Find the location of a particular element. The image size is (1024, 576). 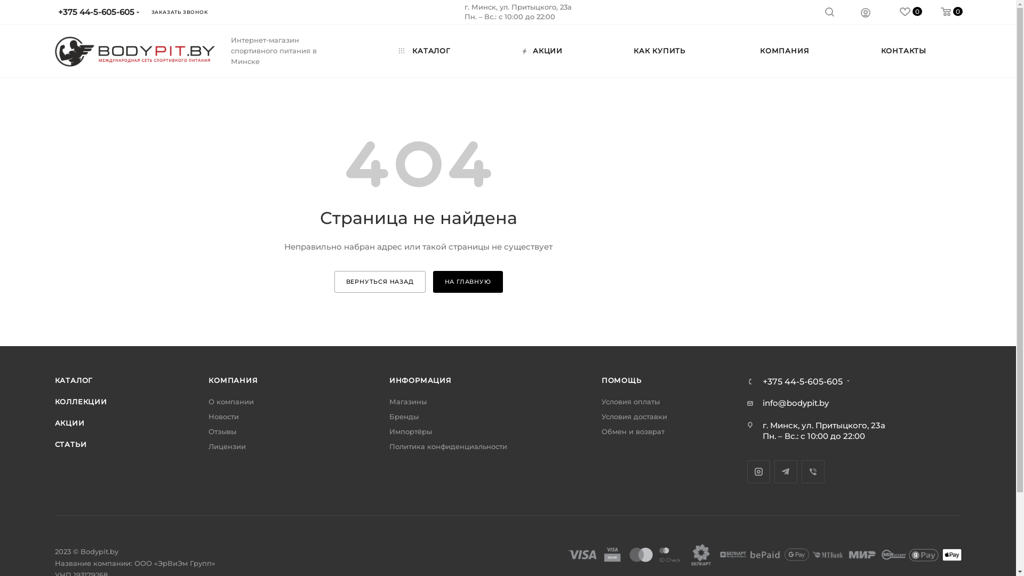

'0' is located at coordinates (901, 12).